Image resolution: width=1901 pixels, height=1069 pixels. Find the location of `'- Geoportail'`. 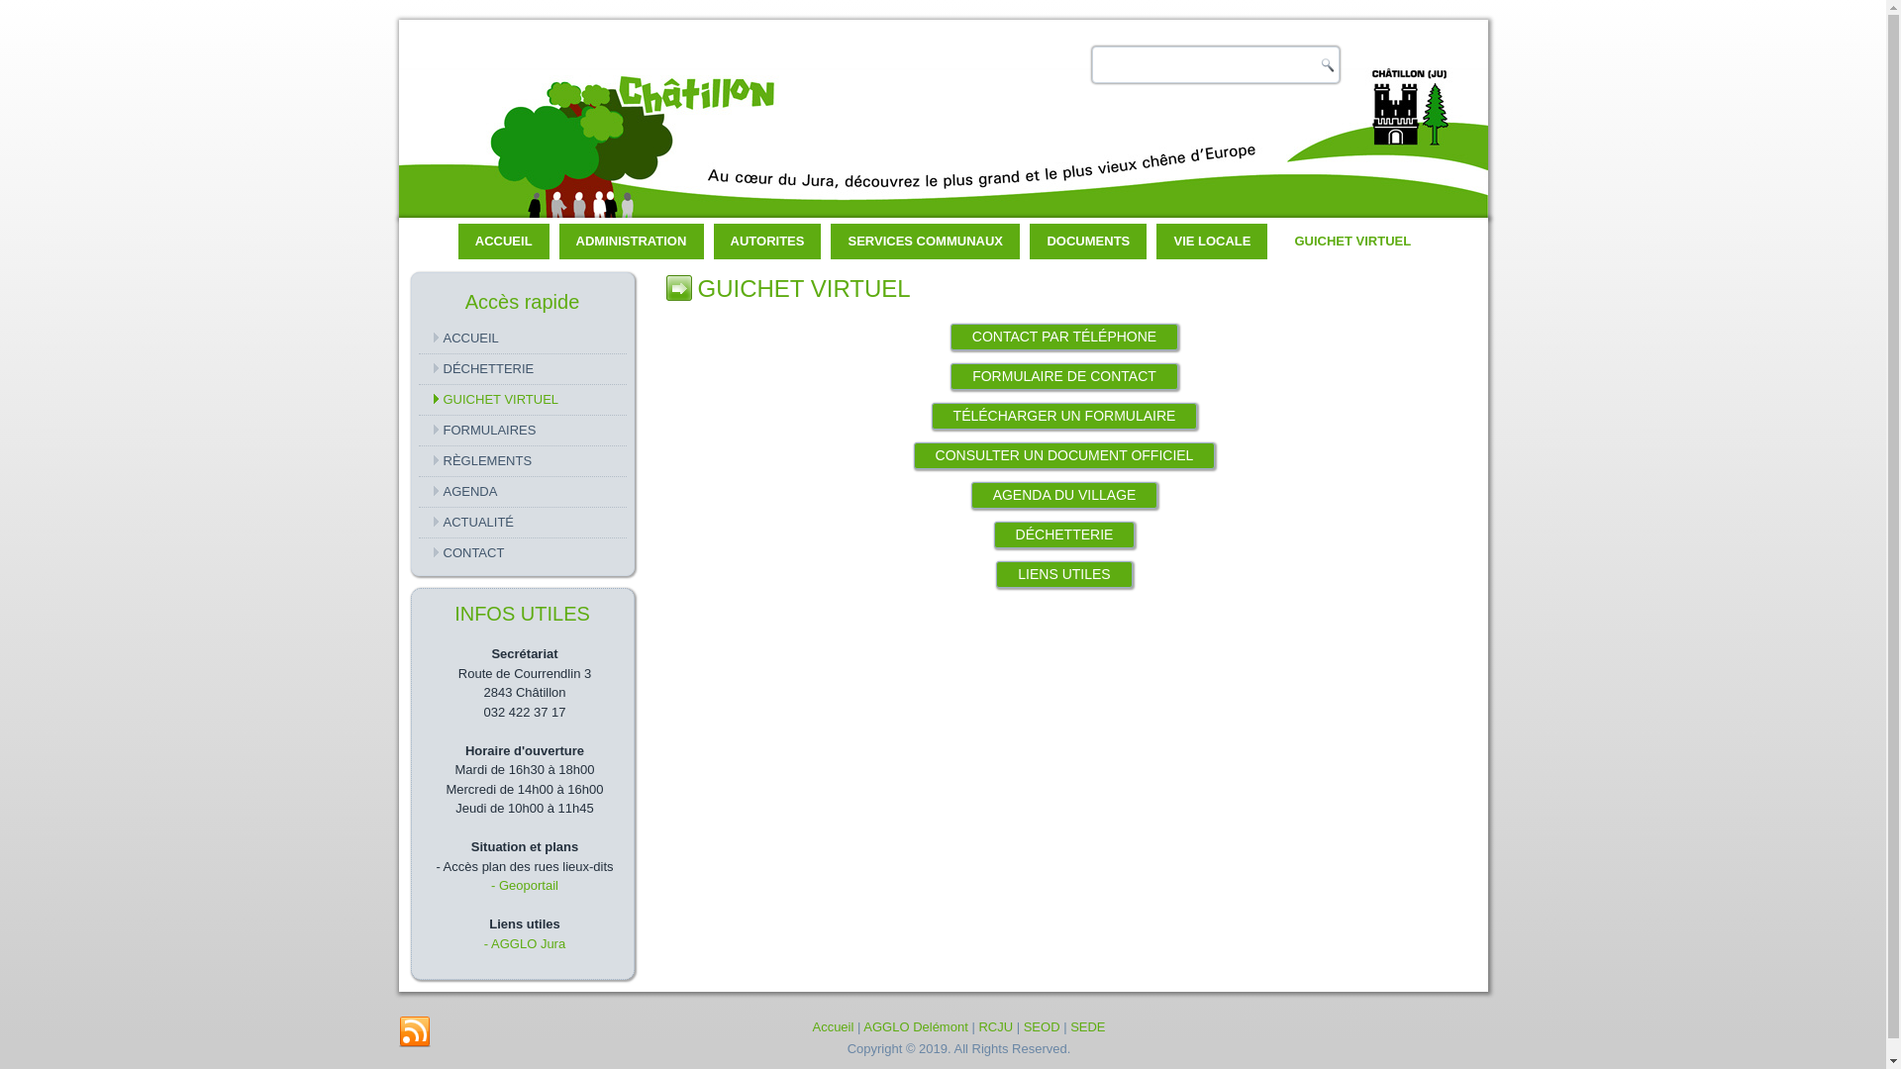

'- Geoportail' is located at coordinates (524, 884).